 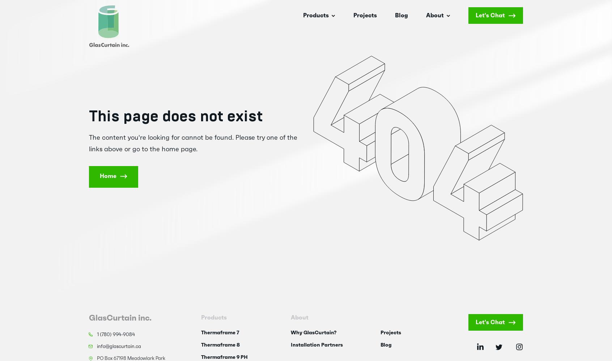 What do you see at coordinates (201, 357) in the screenshot?
I see `'Thermaframe 9 PH'` at bounding box center [201, 357].